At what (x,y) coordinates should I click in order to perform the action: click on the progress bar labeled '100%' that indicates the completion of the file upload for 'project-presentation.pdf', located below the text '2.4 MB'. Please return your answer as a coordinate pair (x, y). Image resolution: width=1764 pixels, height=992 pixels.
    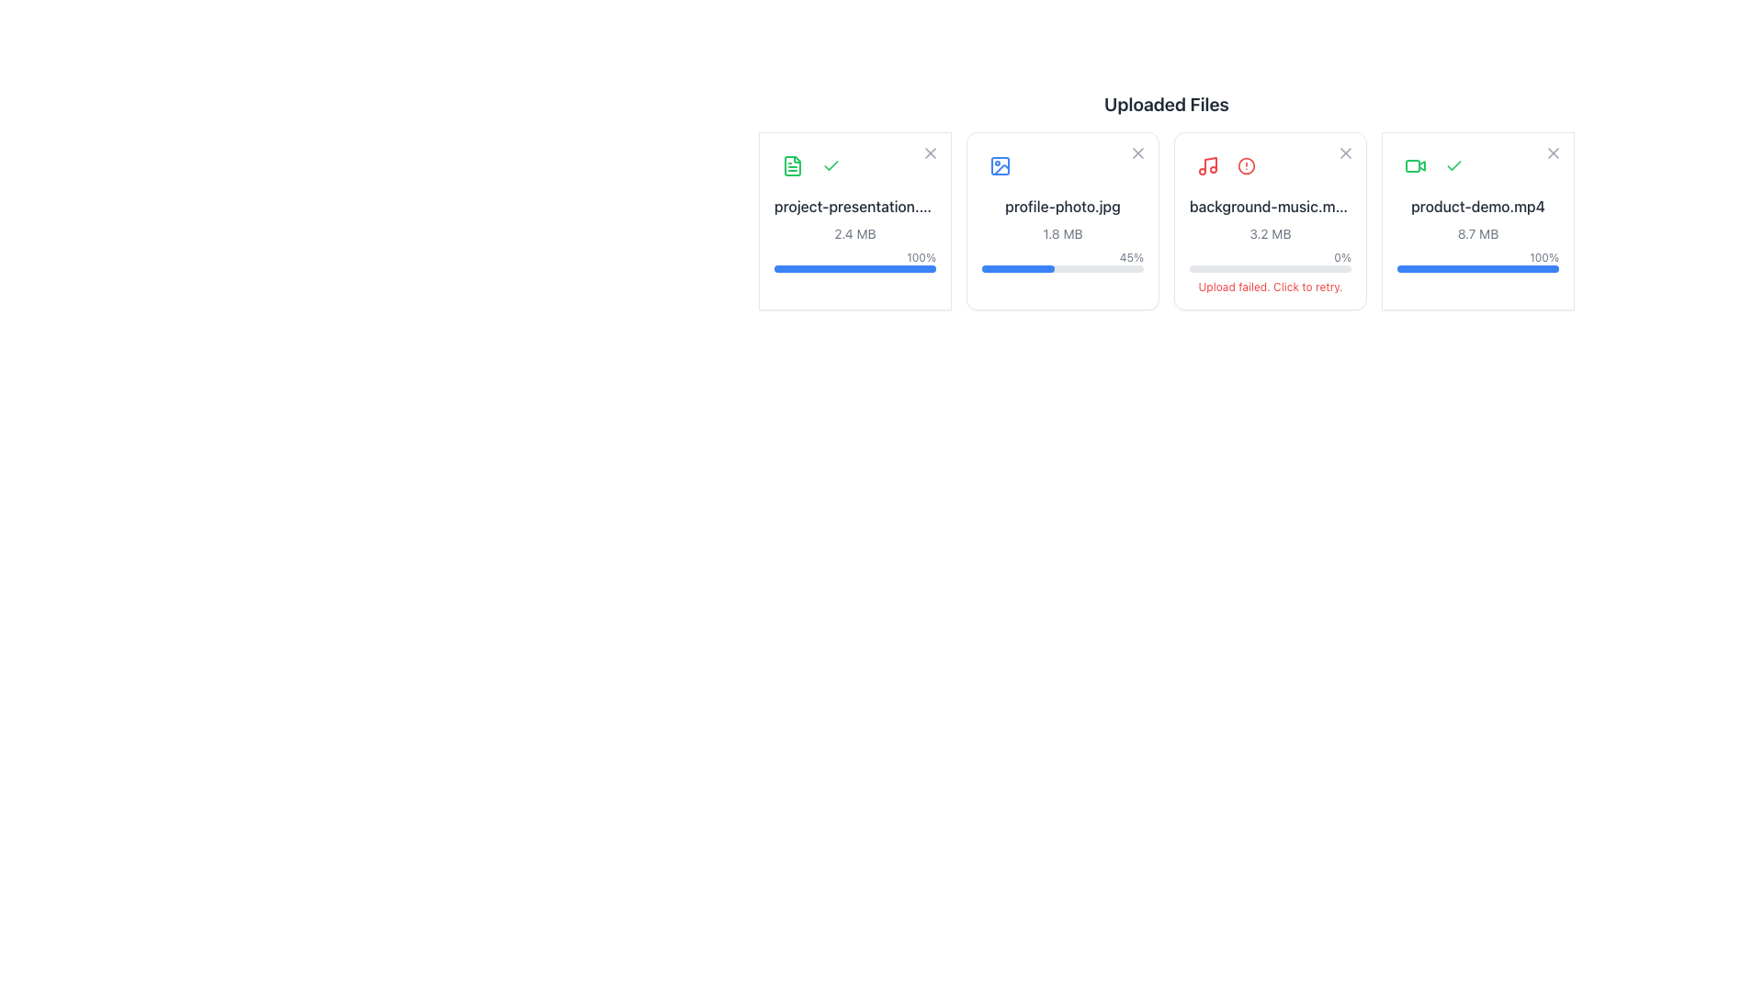
    Looking at the image, I should click on (854, 262).